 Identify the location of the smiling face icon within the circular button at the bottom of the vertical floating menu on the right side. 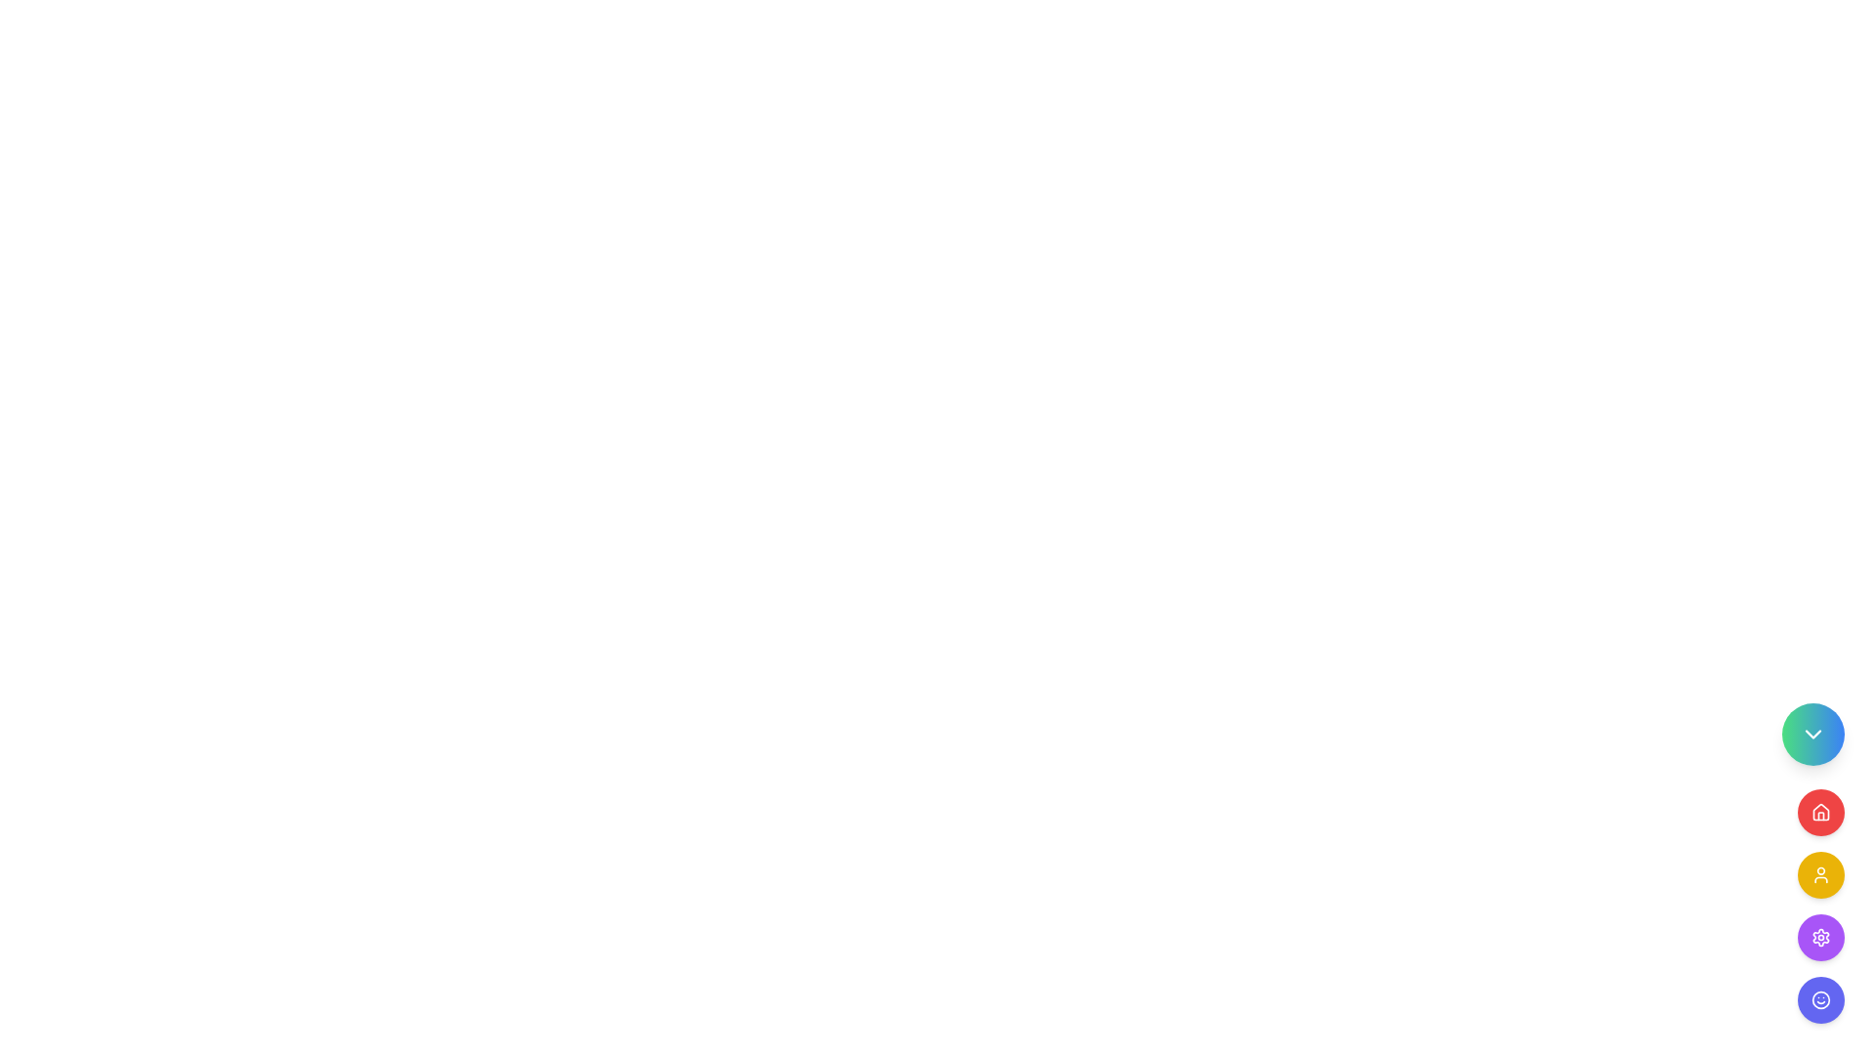
(1819, 999).